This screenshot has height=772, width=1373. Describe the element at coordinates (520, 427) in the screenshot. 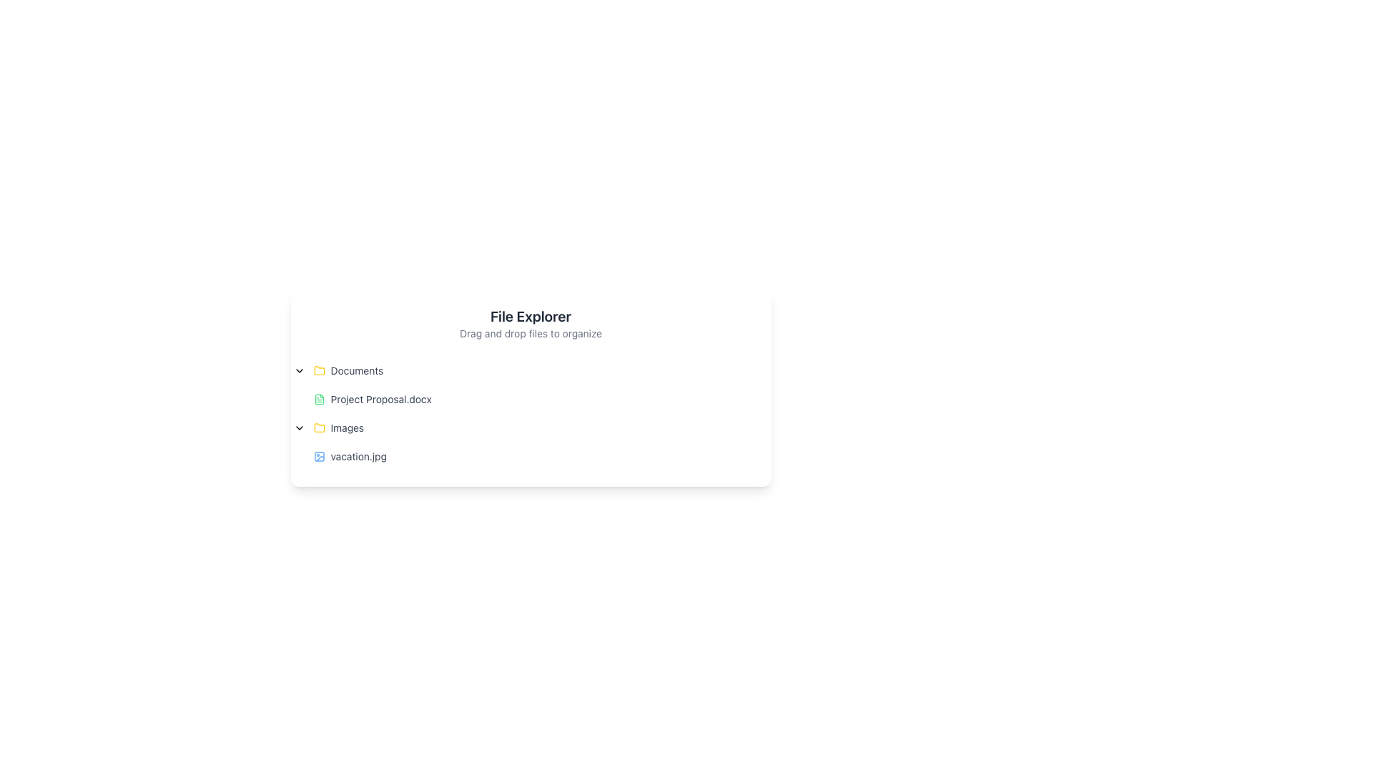

I see `the 'Images' folder in the 'File Explorer' section under the 'Documents' list` at that location.